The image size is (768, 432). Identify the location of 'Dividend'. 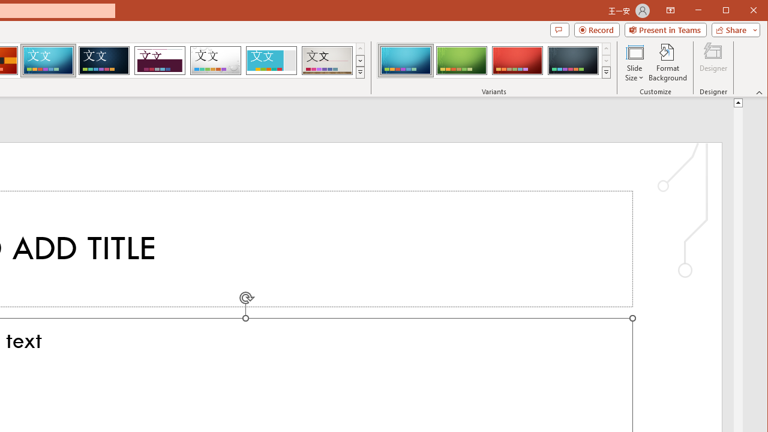
(159, 60).